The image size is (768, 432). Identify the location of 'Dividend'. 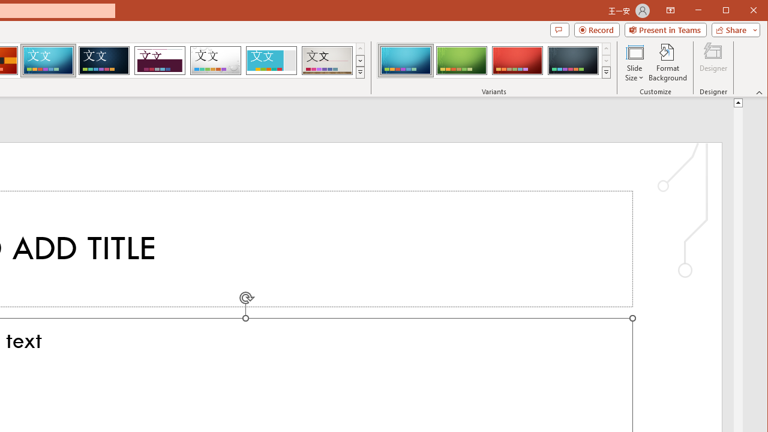
(159, 60).